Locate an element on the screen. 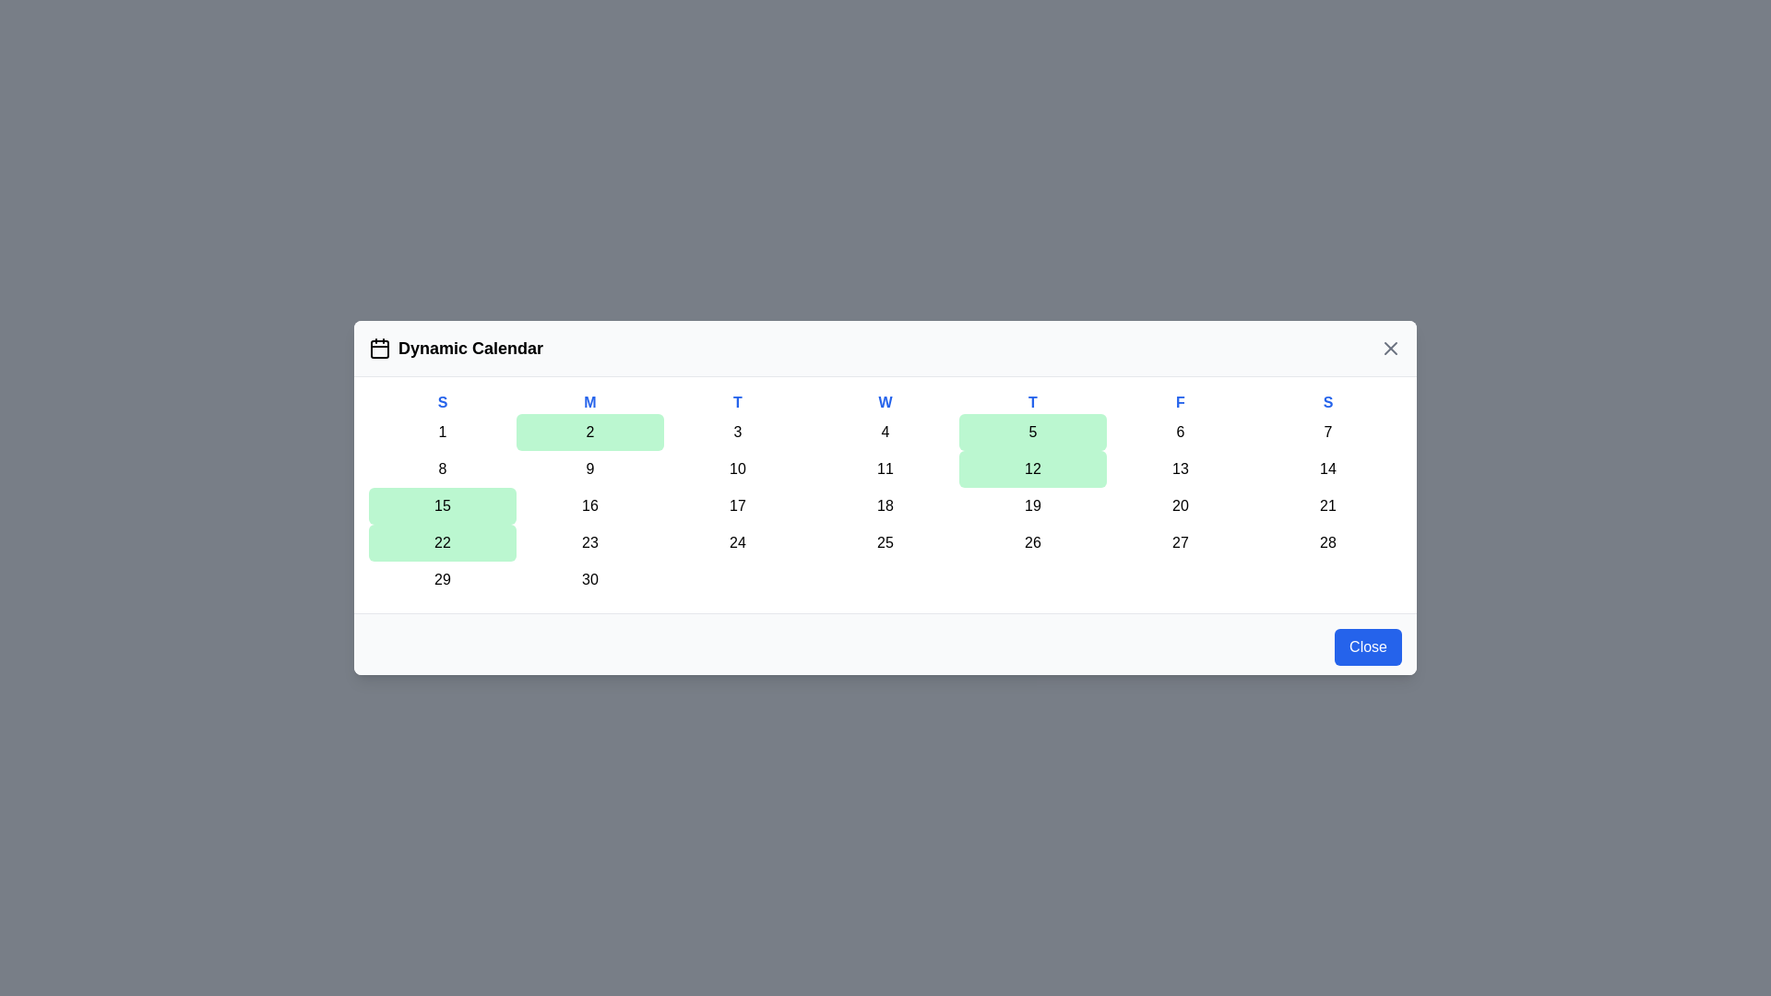  the day cell corresponding to 17 is located at coordinates (738, 505).